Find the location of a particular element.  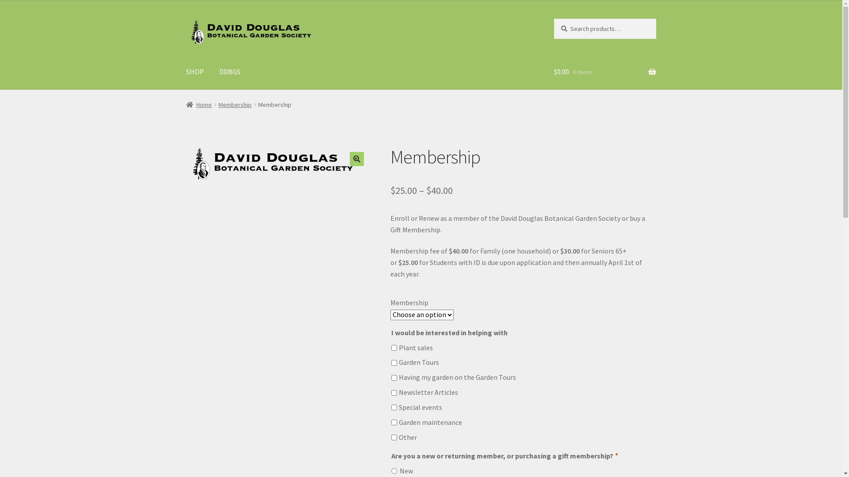

'DDBGS' is located at coordinates (229, 72).